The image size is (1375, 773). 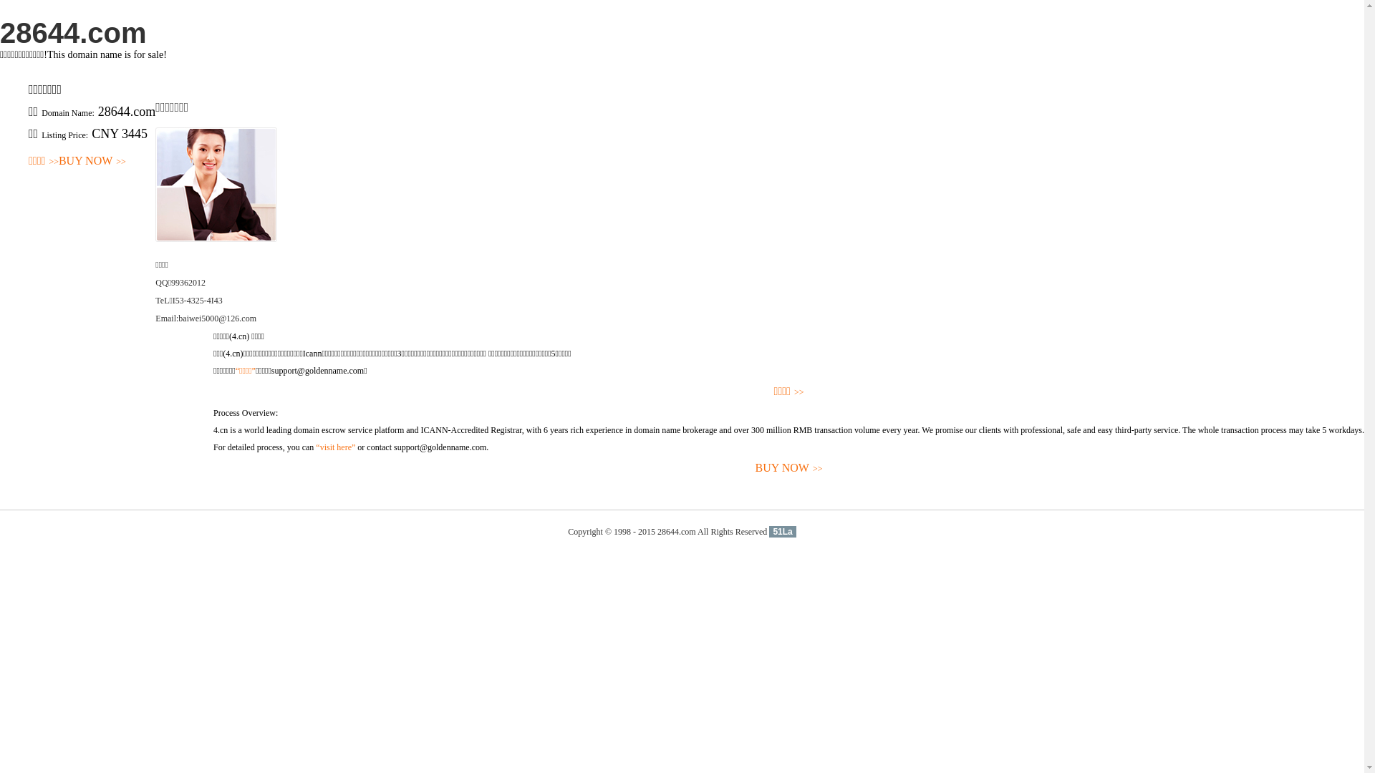 I want to click on '51La', so click(x=768, y=532).